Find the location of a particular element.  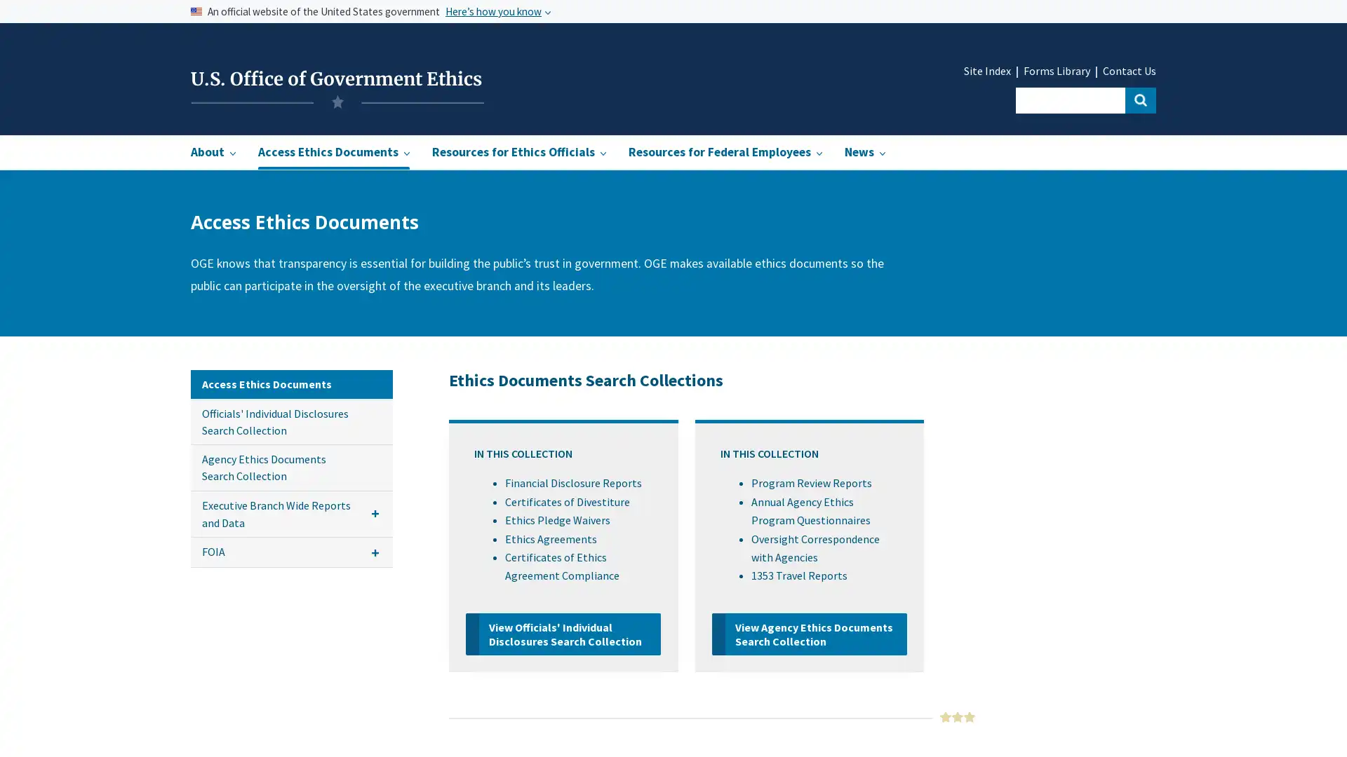

Executive Branch Wide Reports and Data is located at coordinates (291, 513).